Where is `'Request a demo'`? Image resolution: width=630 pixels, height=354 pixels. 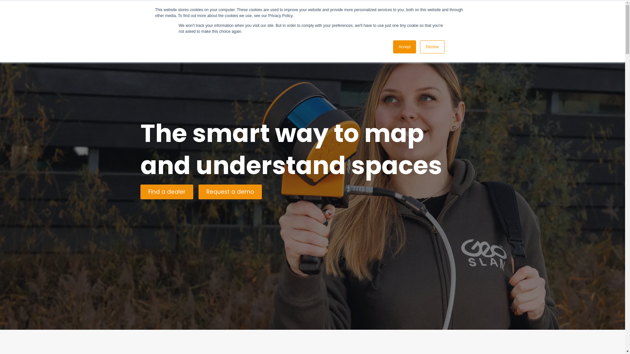
'Request a demo' is located at coordinates (230, 192).